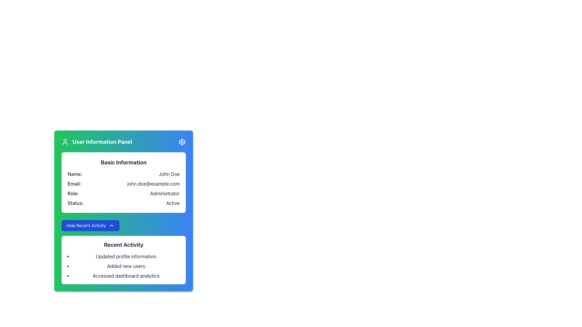  Describe the element at coordinates (153, 183) in the screenshot. I see `the non-interactive Text Display that shows the email address 'john.doe@example.com' in the 'User Information Panel'` at that location.